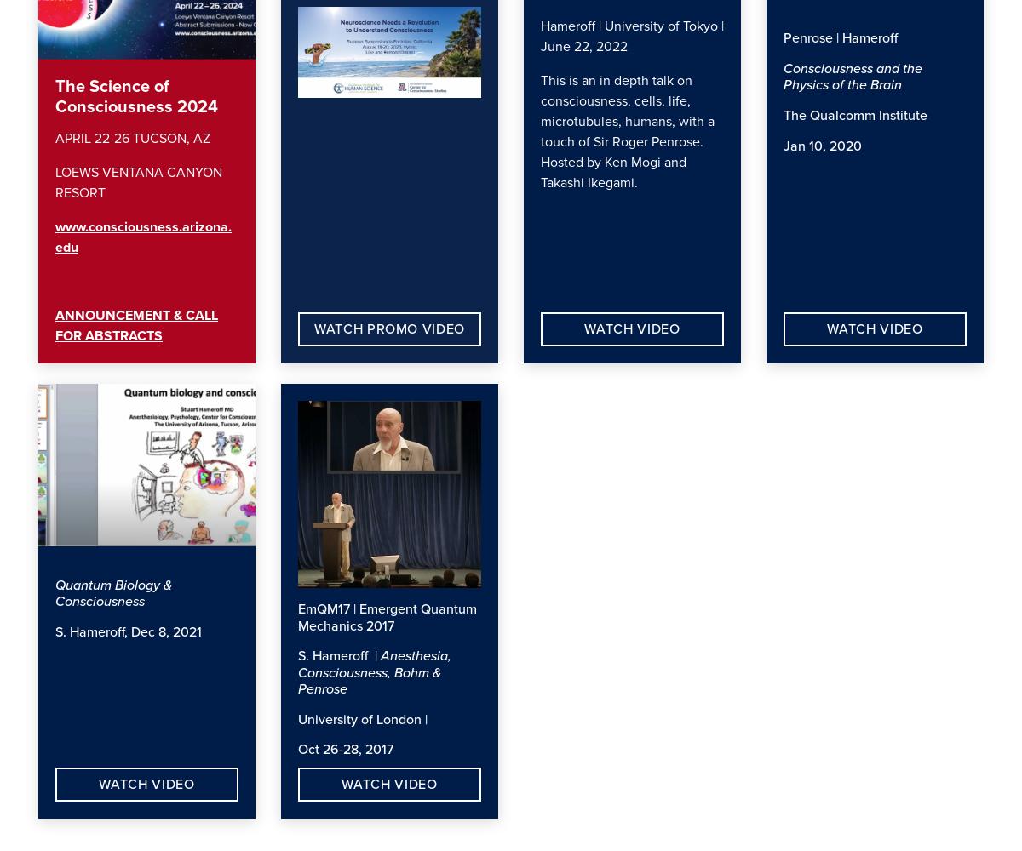 The width and height of the screenshot is (1022, 851). I want to click on 'The Science of Consciousness 2024', so click(135, 95).